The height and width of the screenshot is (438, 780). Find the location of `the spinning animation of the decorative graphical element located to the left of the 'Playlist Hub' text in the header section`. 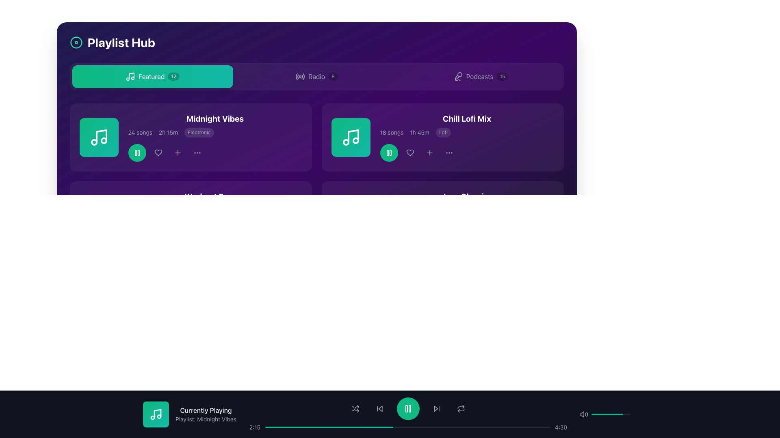

the spinning animation of the decorative graphical element located to the left of the 'Playlist Hub' text in the header section is located at coordinates (76, 42).